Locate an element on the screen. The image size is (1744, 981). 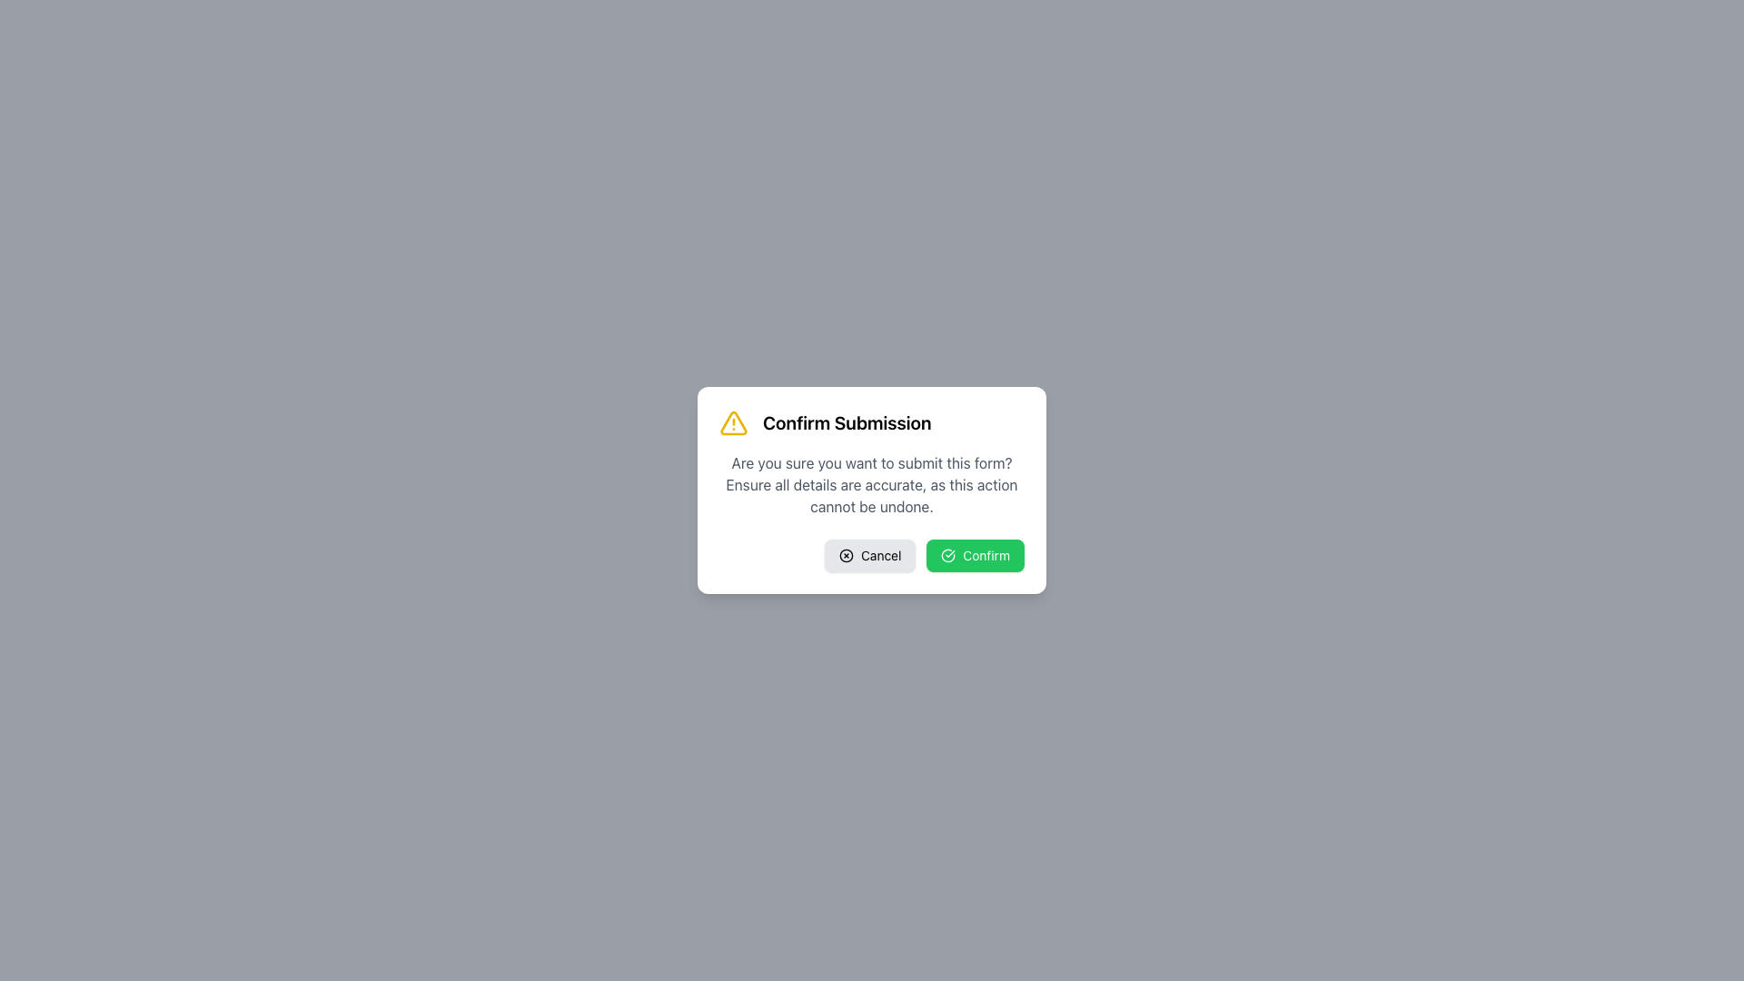
the buttons in the Button Group located at the bottom of the modal dialog box is located at coordinates (872, 555).